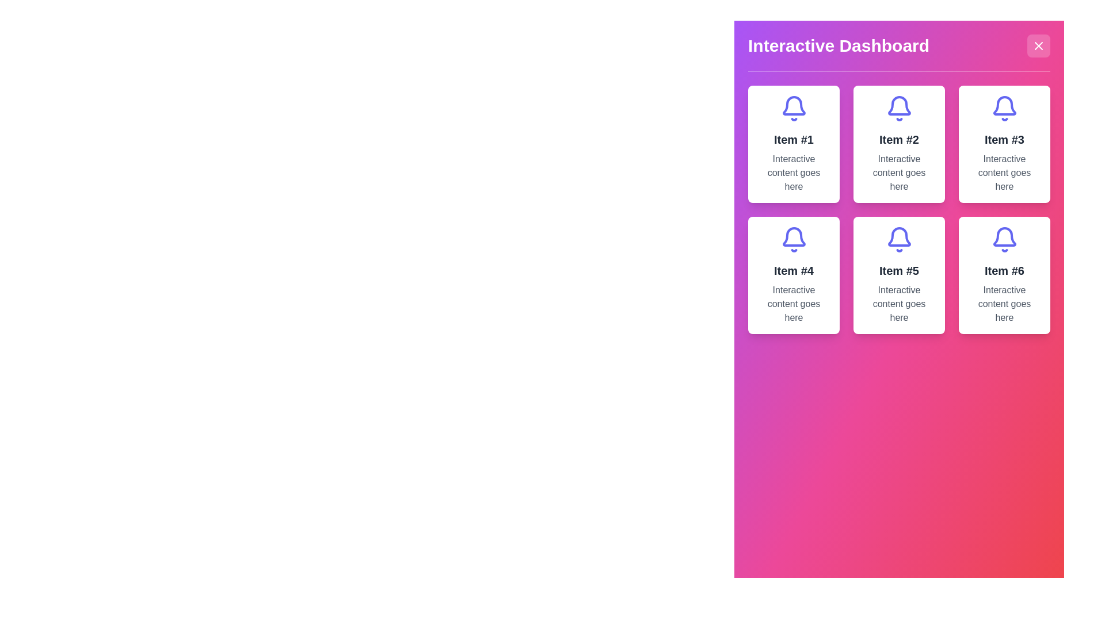 The width and height of the screenshot is (1105, 621). I want to click on the fourth card in the grid layout, which features a blue bell icon and text 'Item #4' with interactive content, so click(793, 275).